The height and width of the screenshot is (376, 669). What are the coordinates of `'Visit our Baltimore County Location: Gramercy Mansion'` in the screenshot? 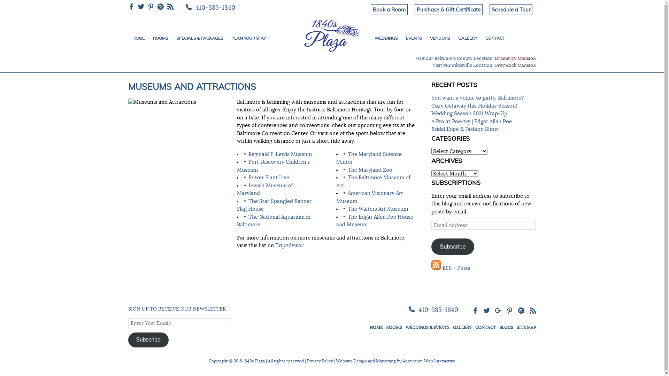 It's located at (475, 58).